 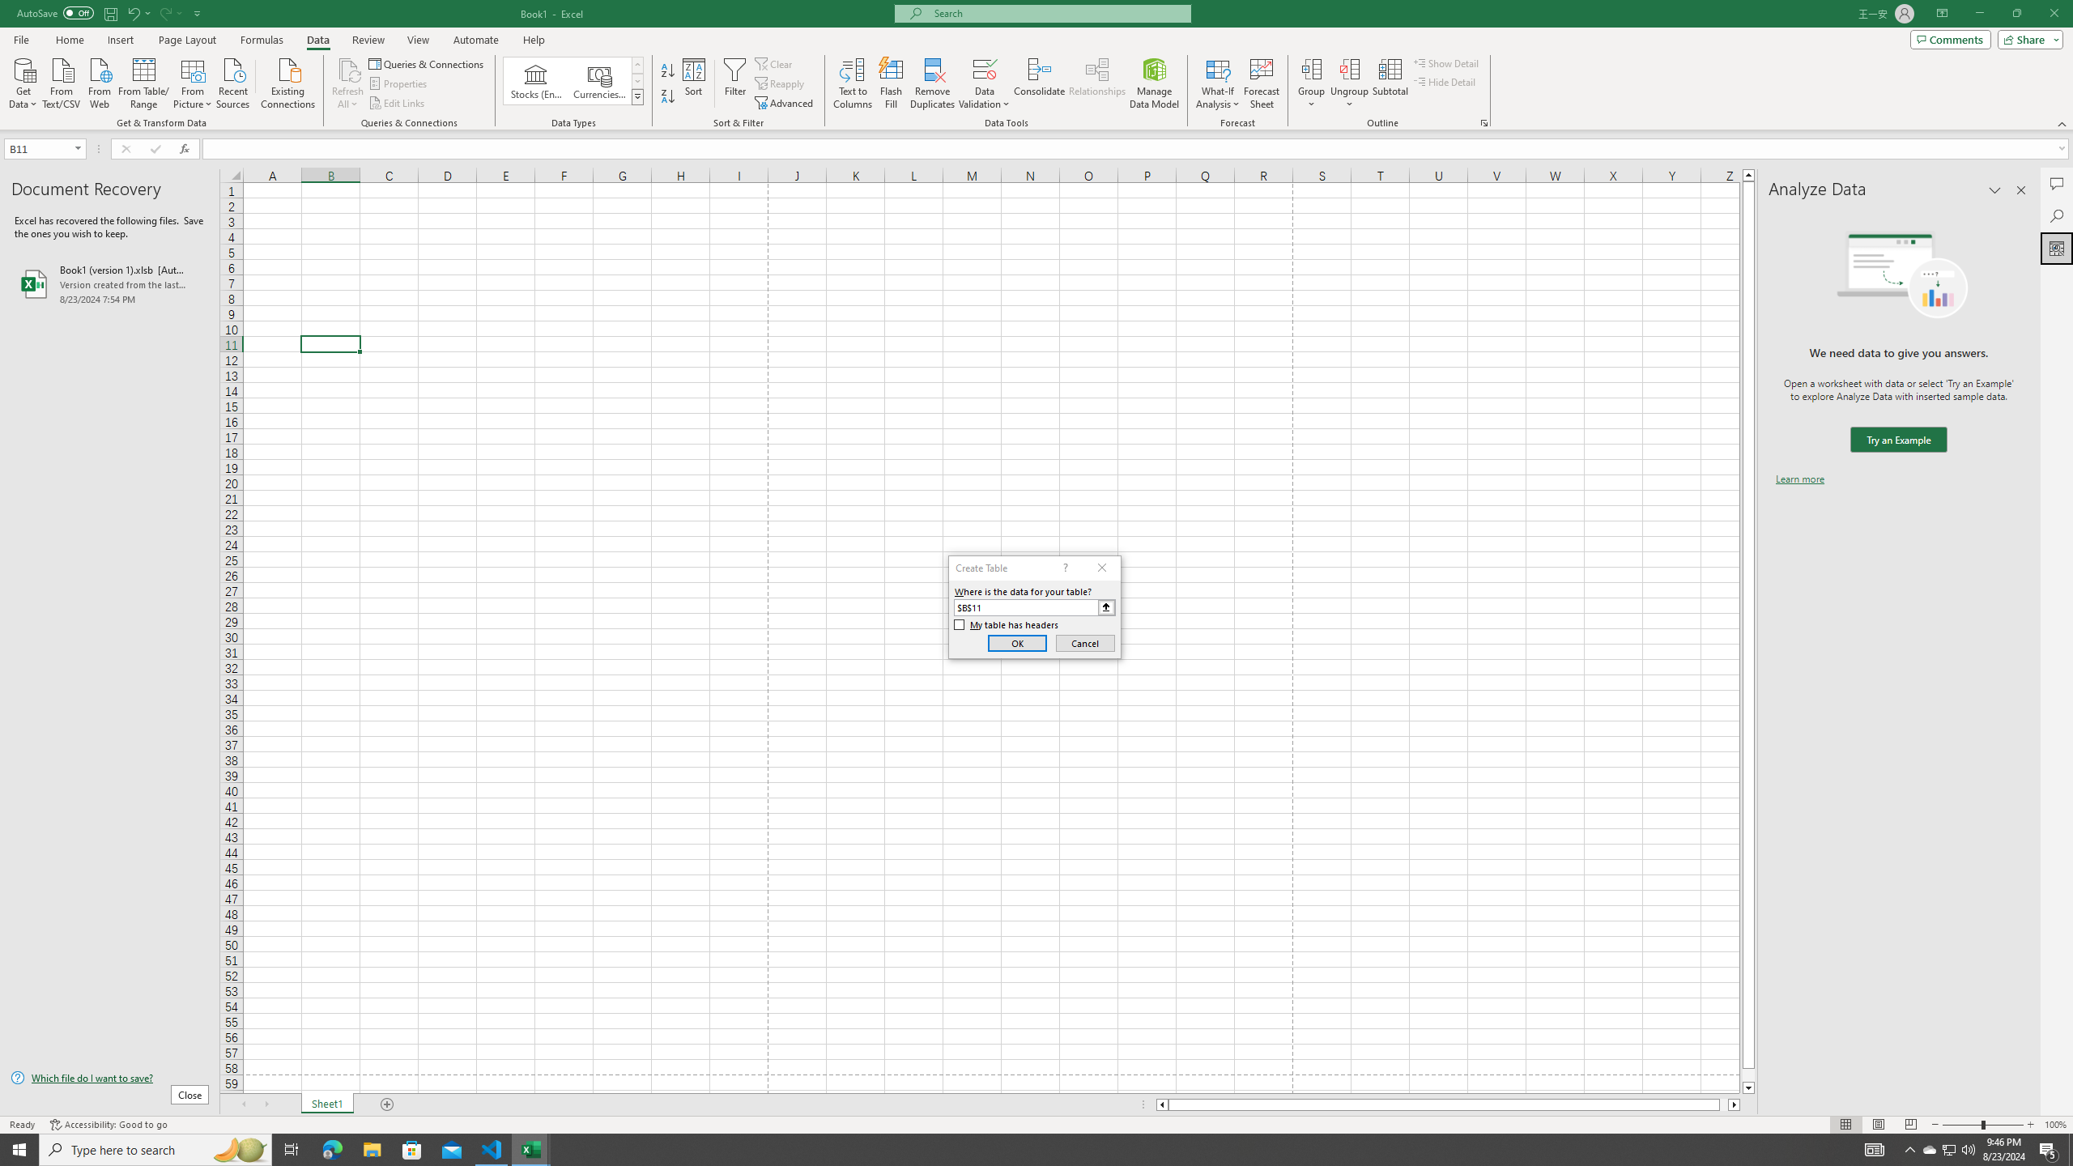 I want to click on 'From Table/Range', so click(x=143, y=81).